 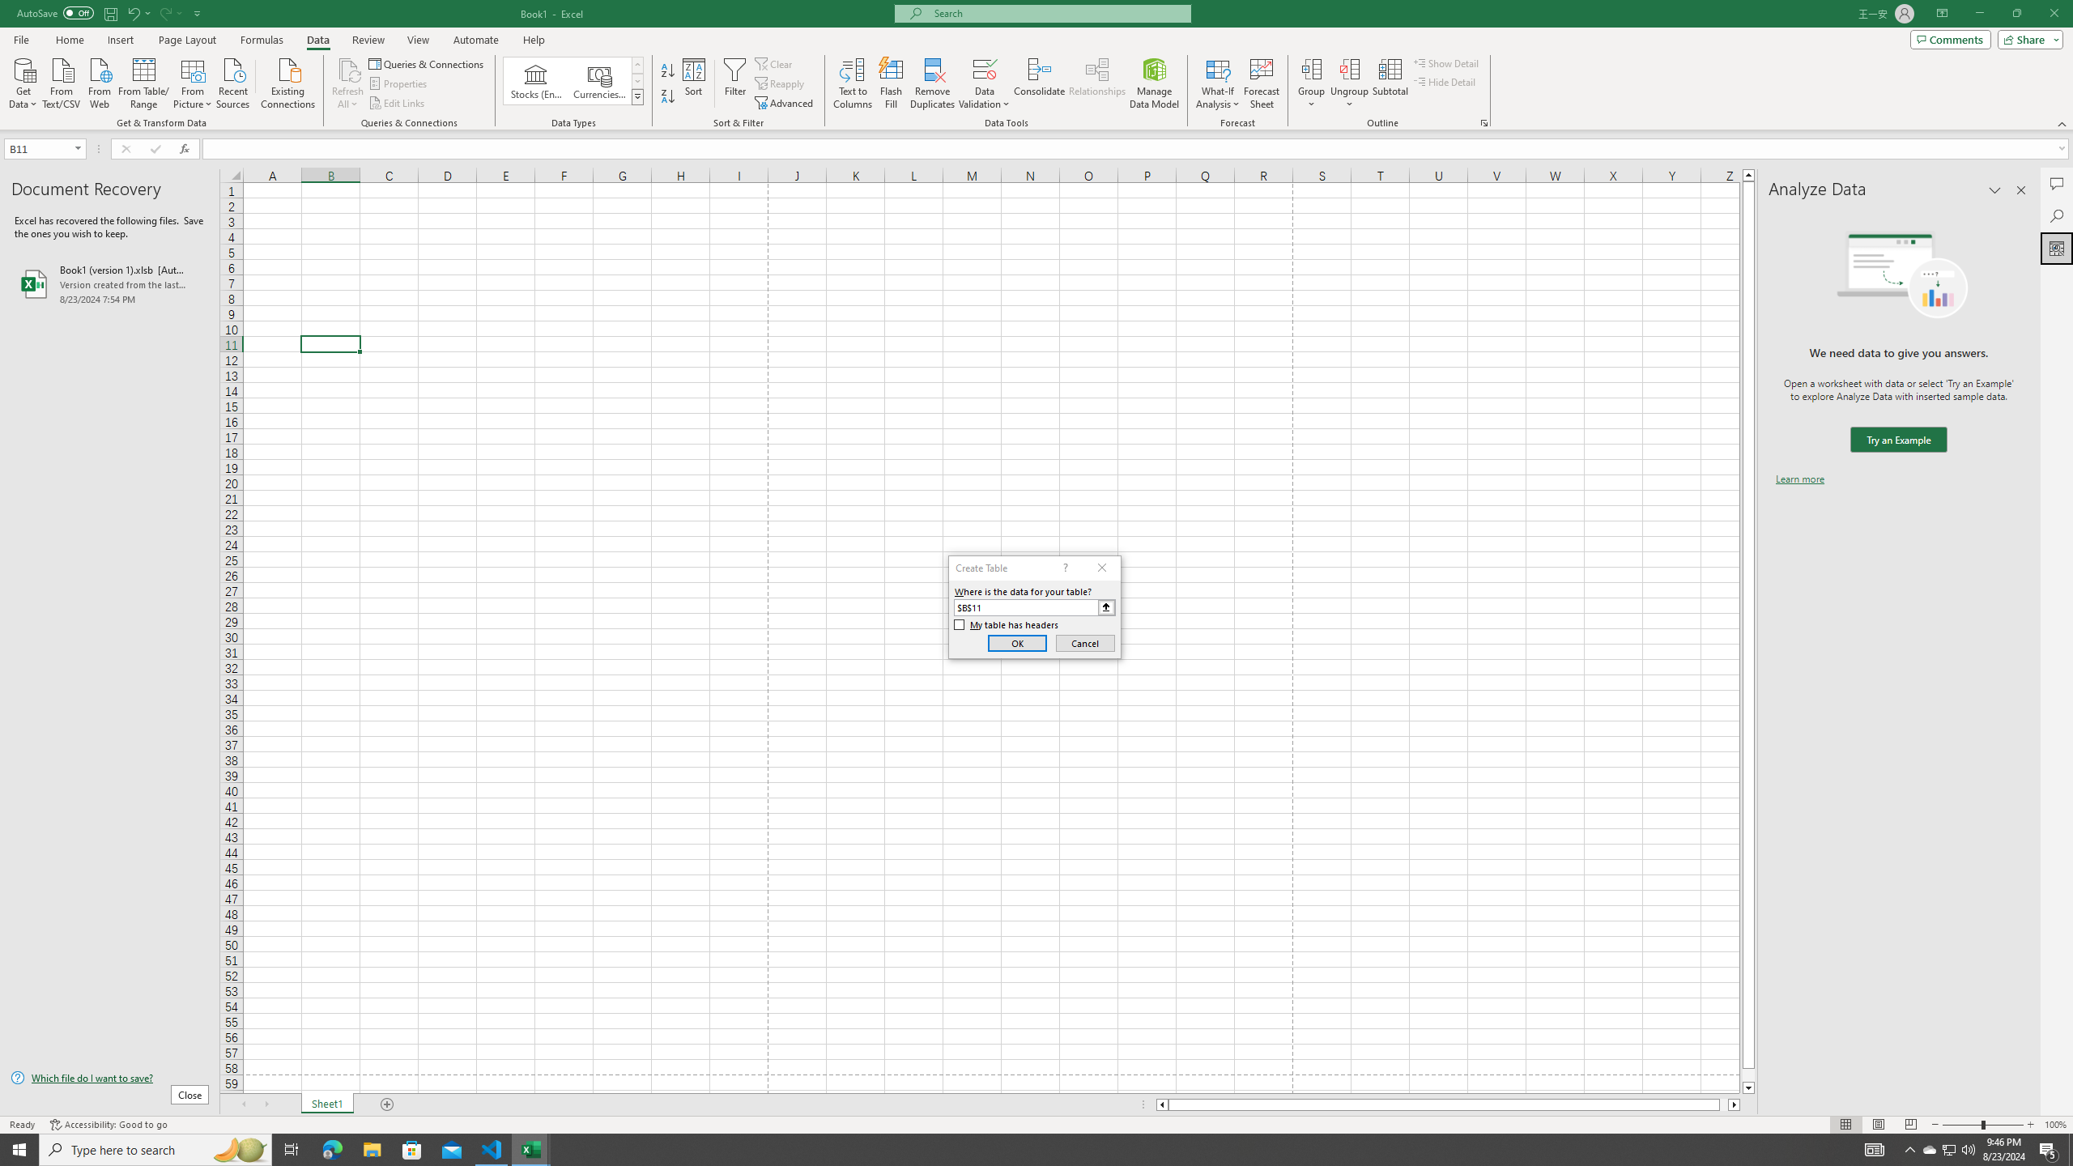 I want to click on 'From Table/Range', so click(x=143, y=81).